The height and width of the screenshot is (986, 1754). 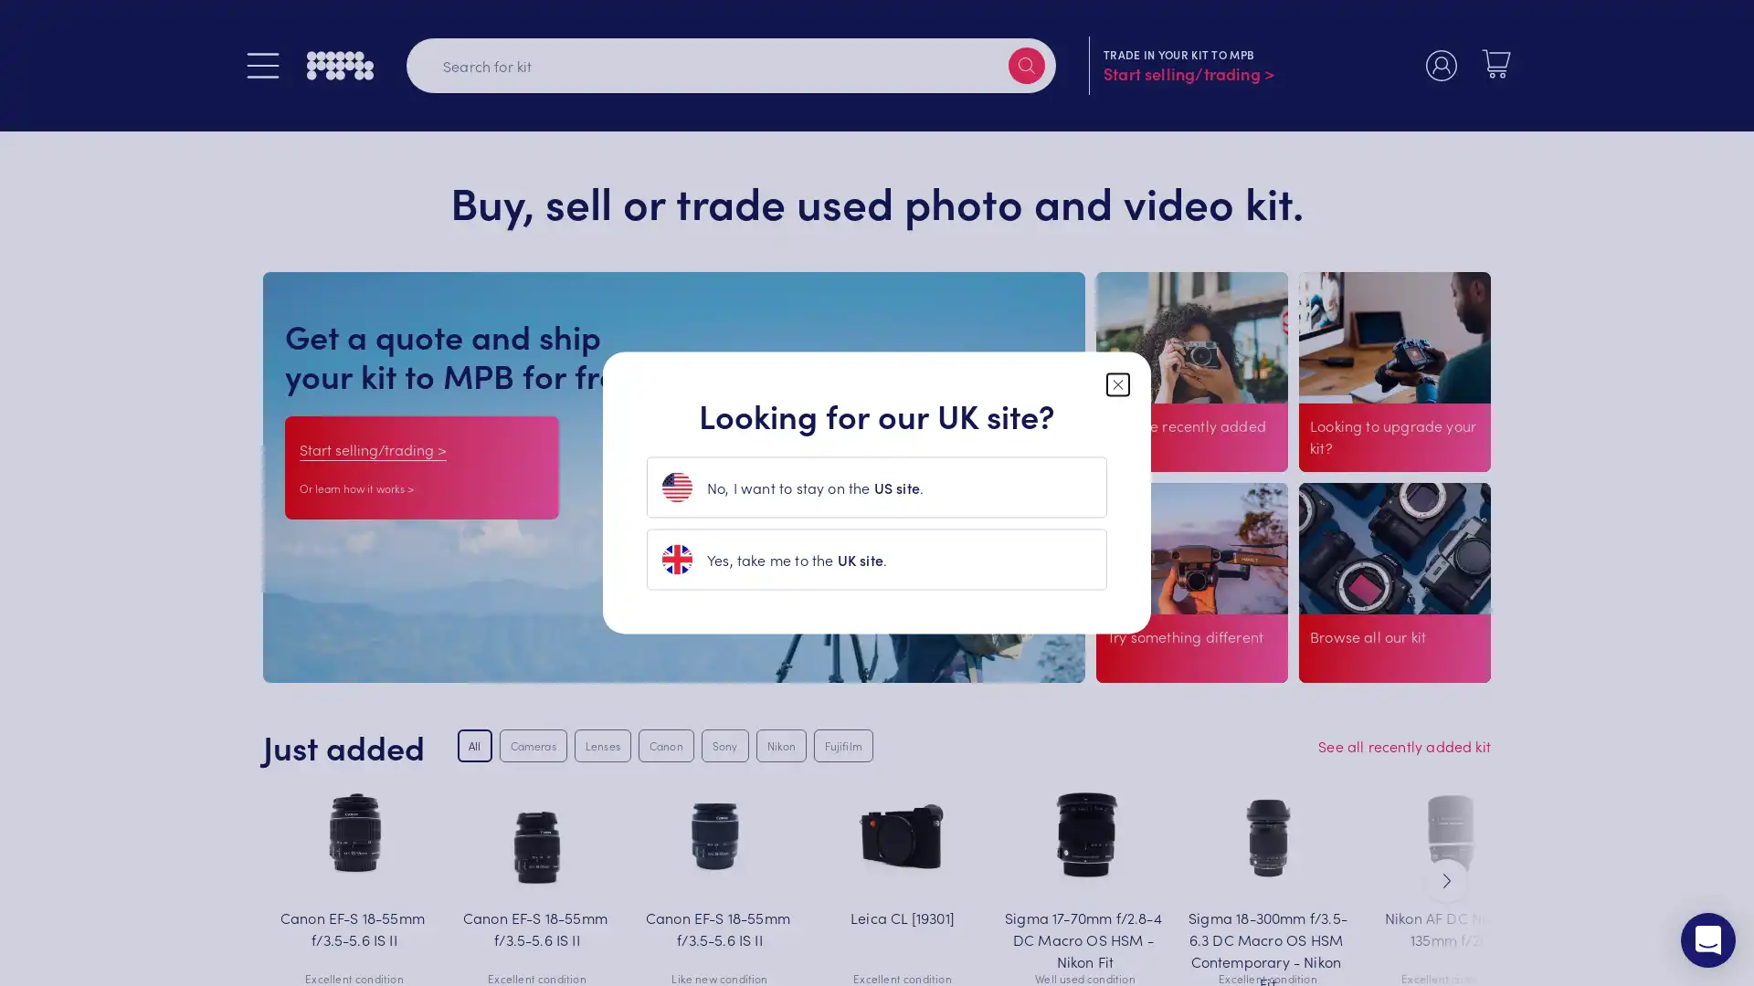 What do you see at coordinates (1495, 62) in the screenshot?
I see `Cart` at bounding box center [1495, 62].